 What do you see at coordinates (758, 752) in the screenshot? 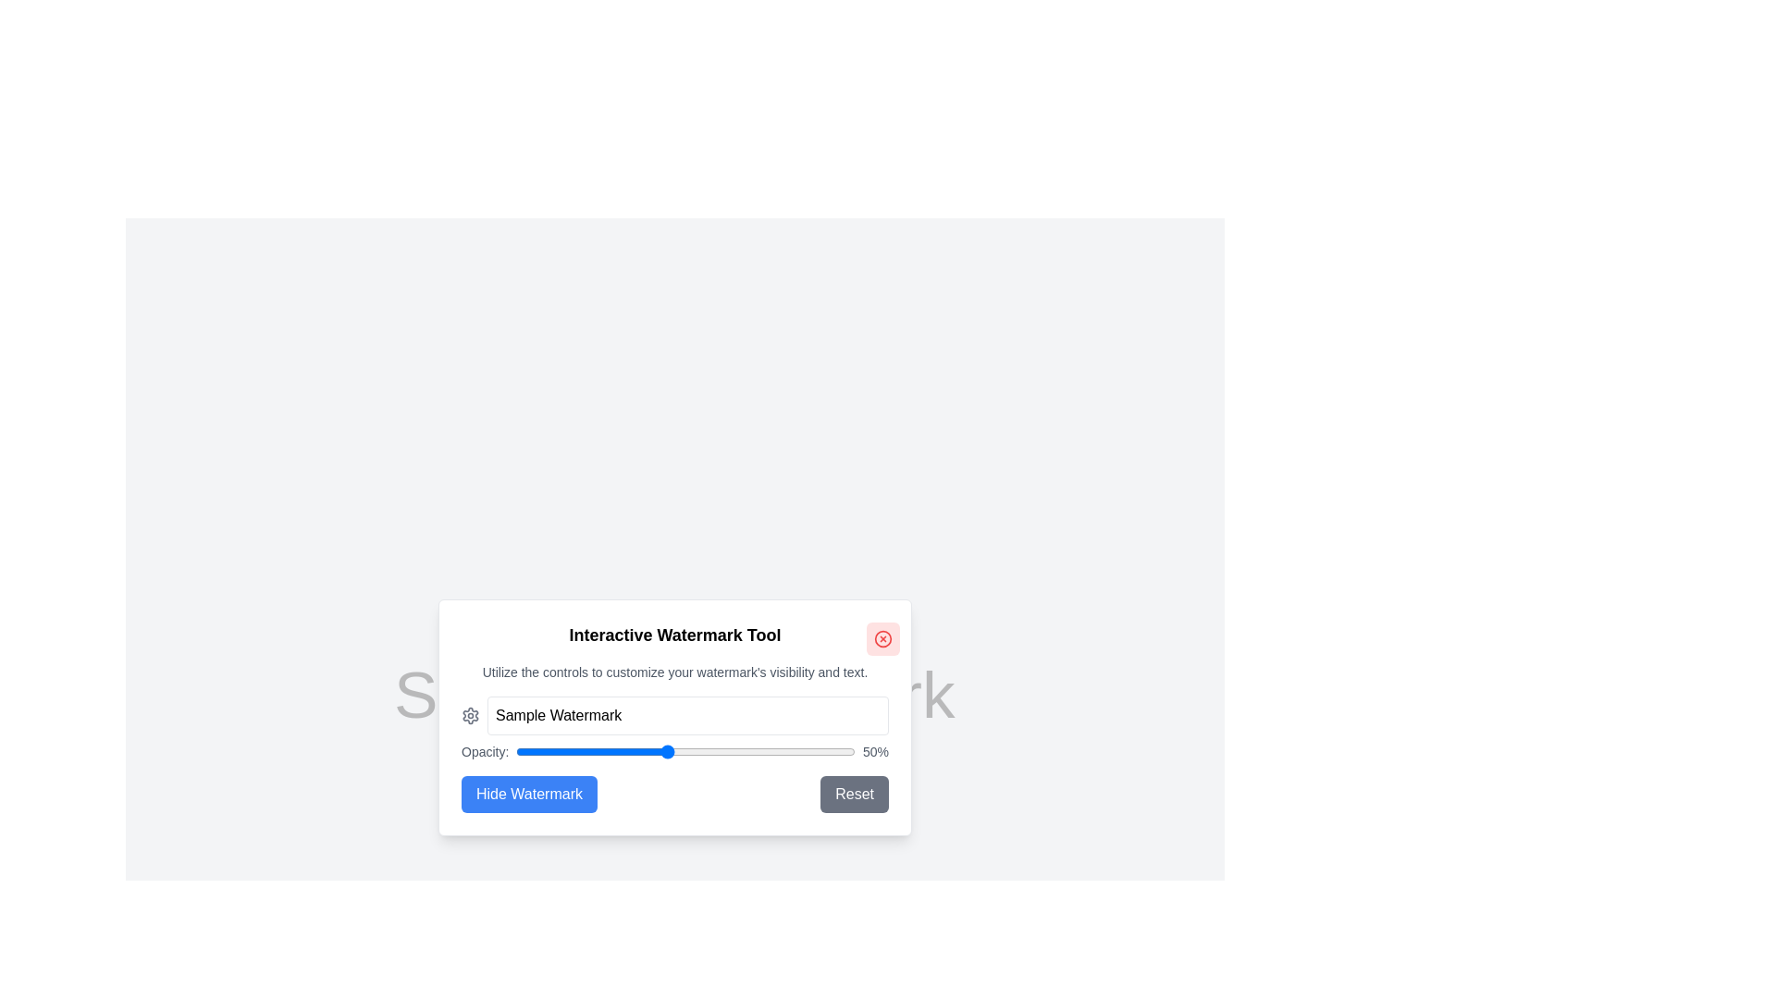
I see `the opacity` at bounding box center [758, 752].